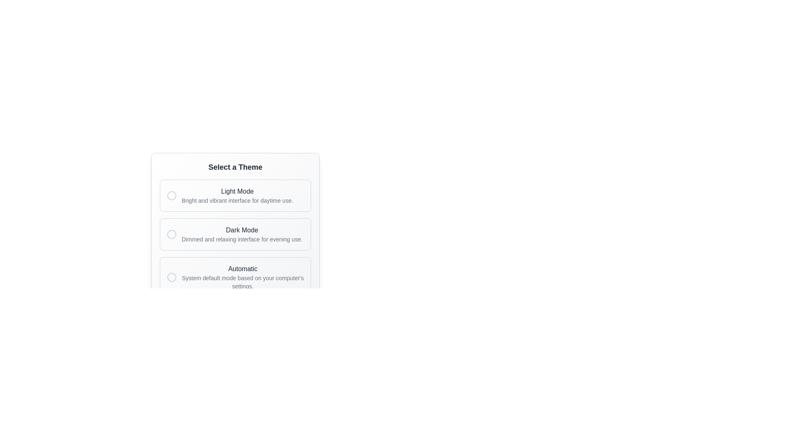  What do you see at coordinates (235, 229) in the screenshot?
I see `the Selection Panel for theme options located beneath the title 'Select a Theme' to trigger visual effects` at bounding box center [235, 229].